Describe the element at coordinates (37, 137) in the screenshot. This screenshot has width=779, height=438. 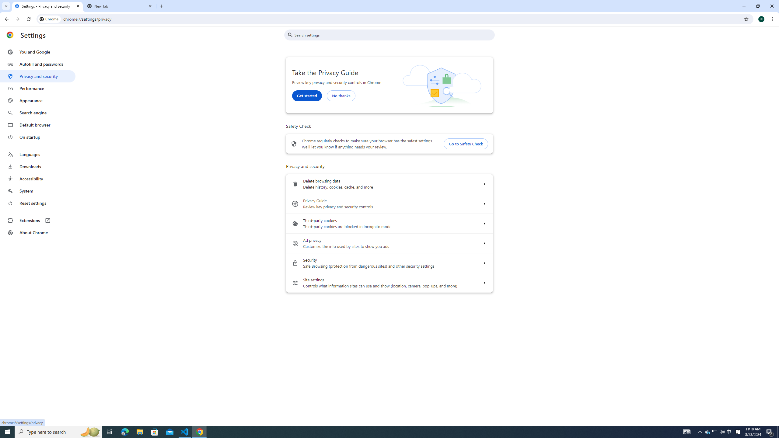
I see `'On startup'` at that location.